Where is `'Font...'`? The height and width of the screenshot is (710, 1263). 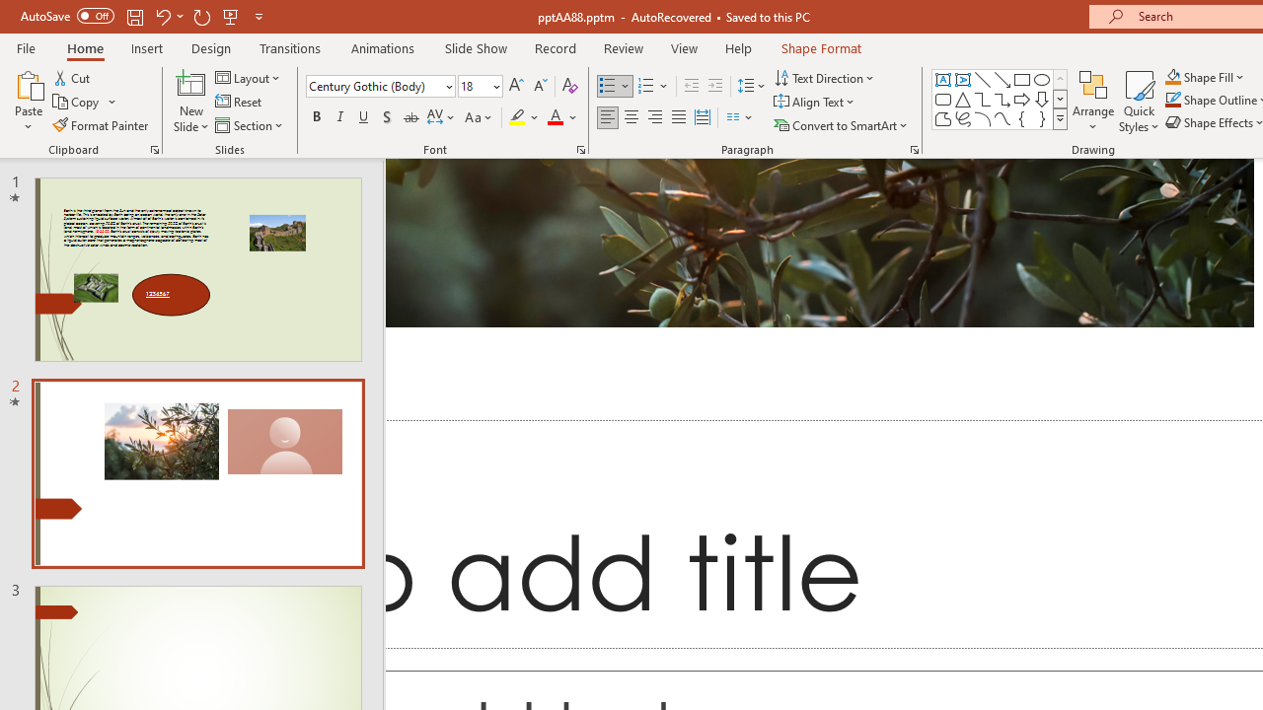 'Font...' is located at coordinates (579, 148).